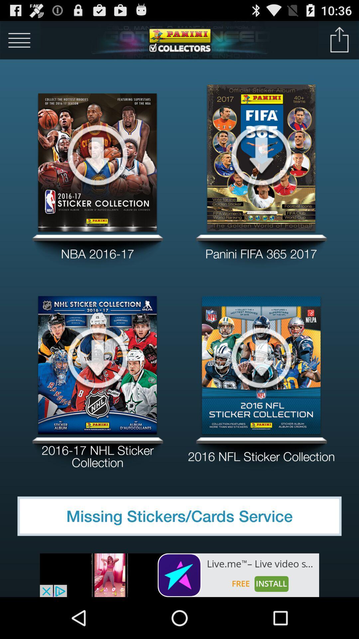  I want to click on the launch icon, so click(339, 42).